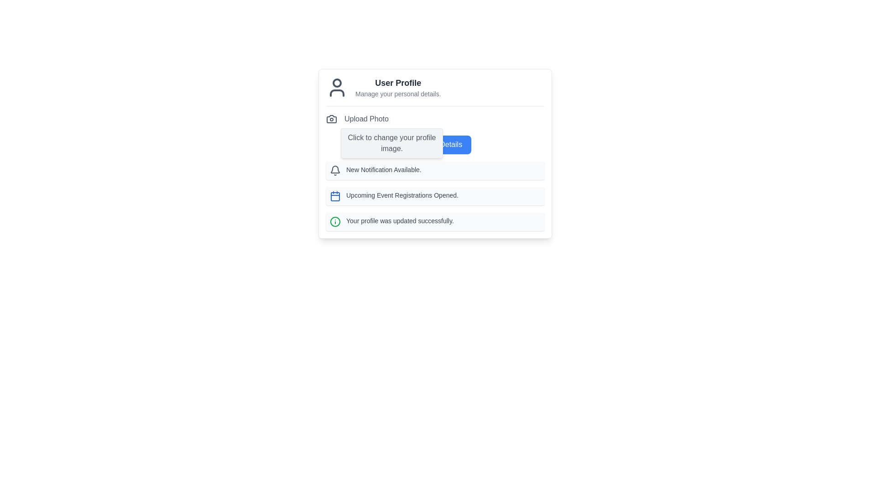 This screenshot has height=493, width=876. I want to click on the tooltip that provides additional information about the 'Upload Photo' option, located directly beneath the 'Upload Photo' label, so click(392, 143).